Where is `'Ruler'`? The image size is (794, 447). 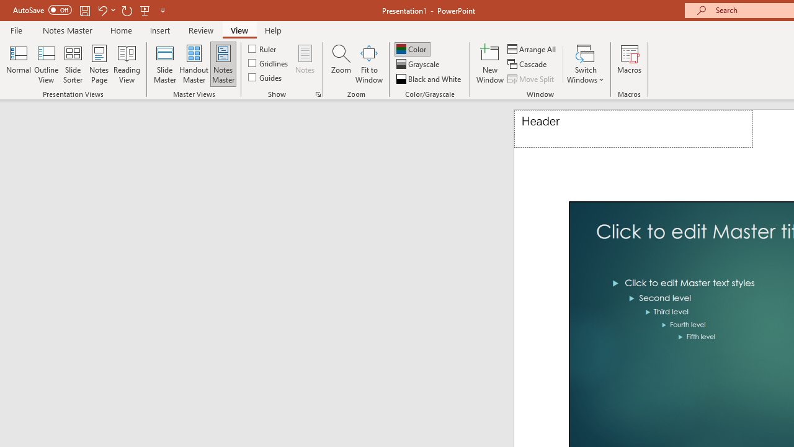
'Ruler' is located at coordinates (262, 48).